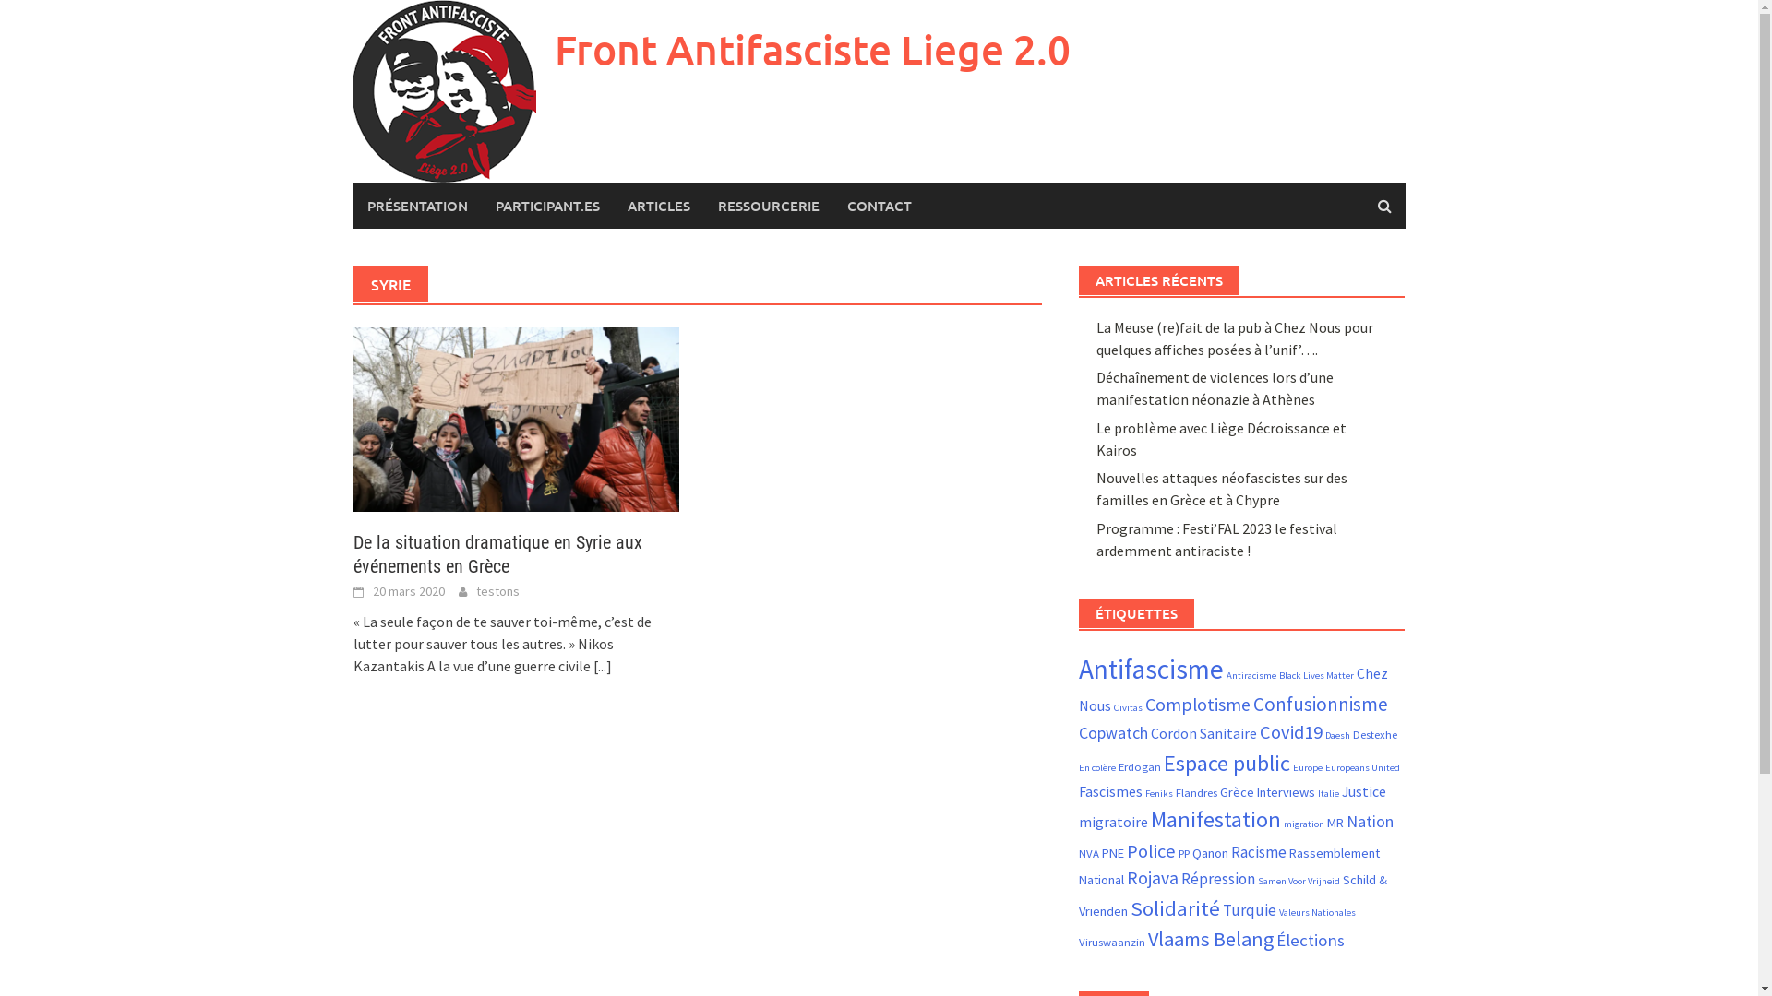 The width and height of the screenshot is (1772, 996). I want to click on 'Rassemblement National', so click(1229, 867).